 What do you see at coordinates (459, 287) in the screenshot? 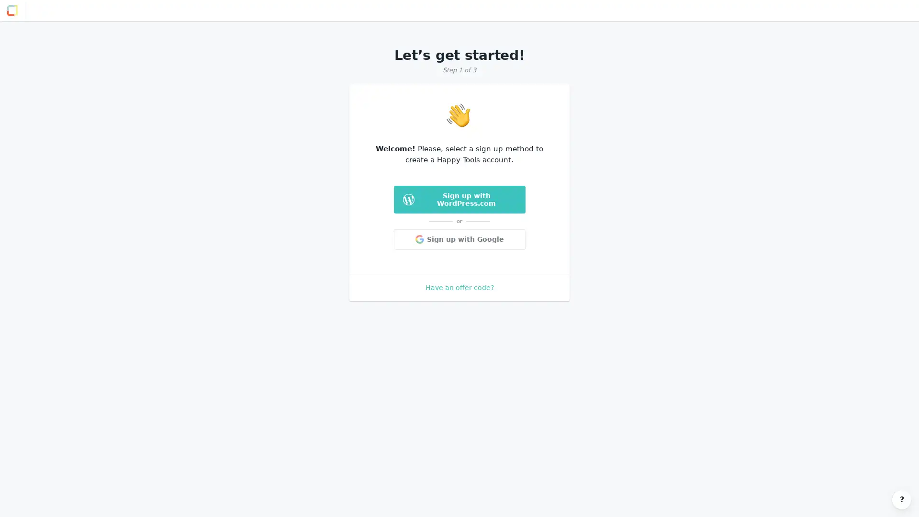
I see `Have an offer code?` at bounding box center [459, 287].